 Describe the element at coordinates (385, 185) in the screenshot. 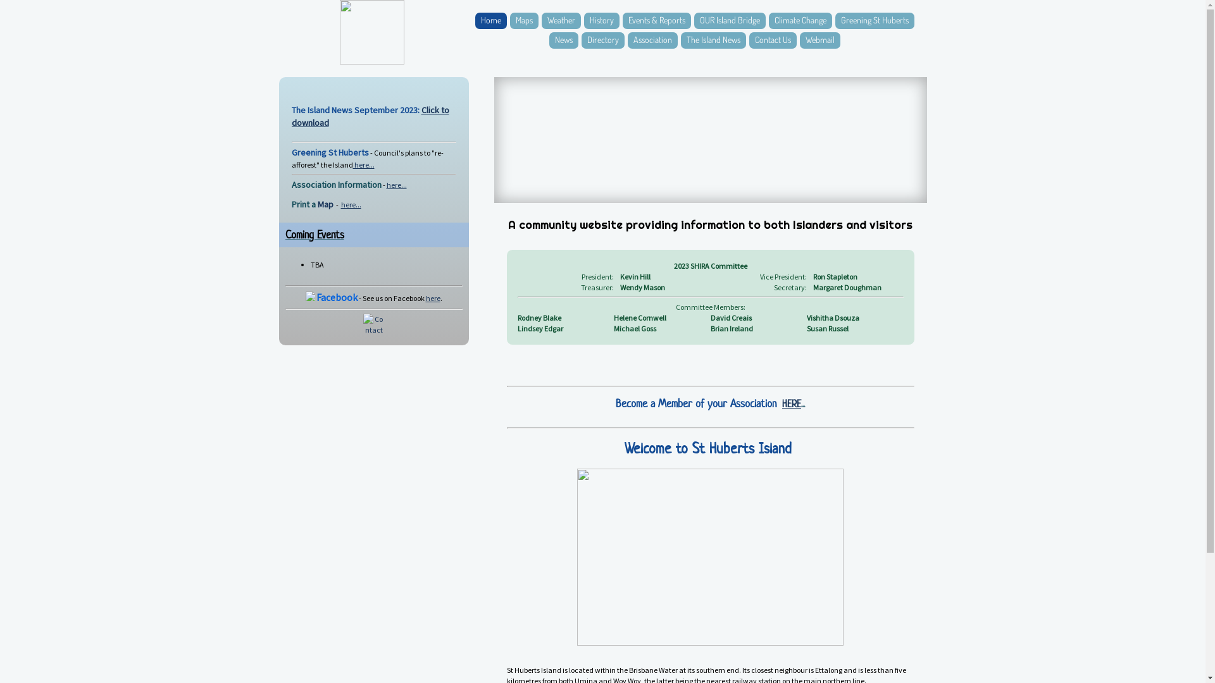

I see `'here...'` at that location.